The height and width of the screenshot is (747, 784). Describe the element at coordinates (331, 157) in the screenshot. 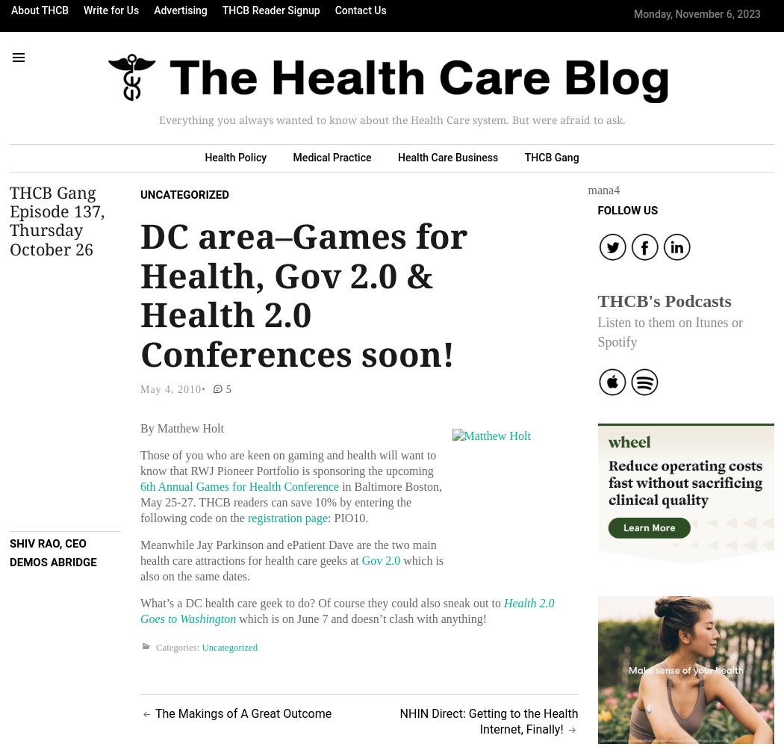

I see `'Medical Practice'` at that location.